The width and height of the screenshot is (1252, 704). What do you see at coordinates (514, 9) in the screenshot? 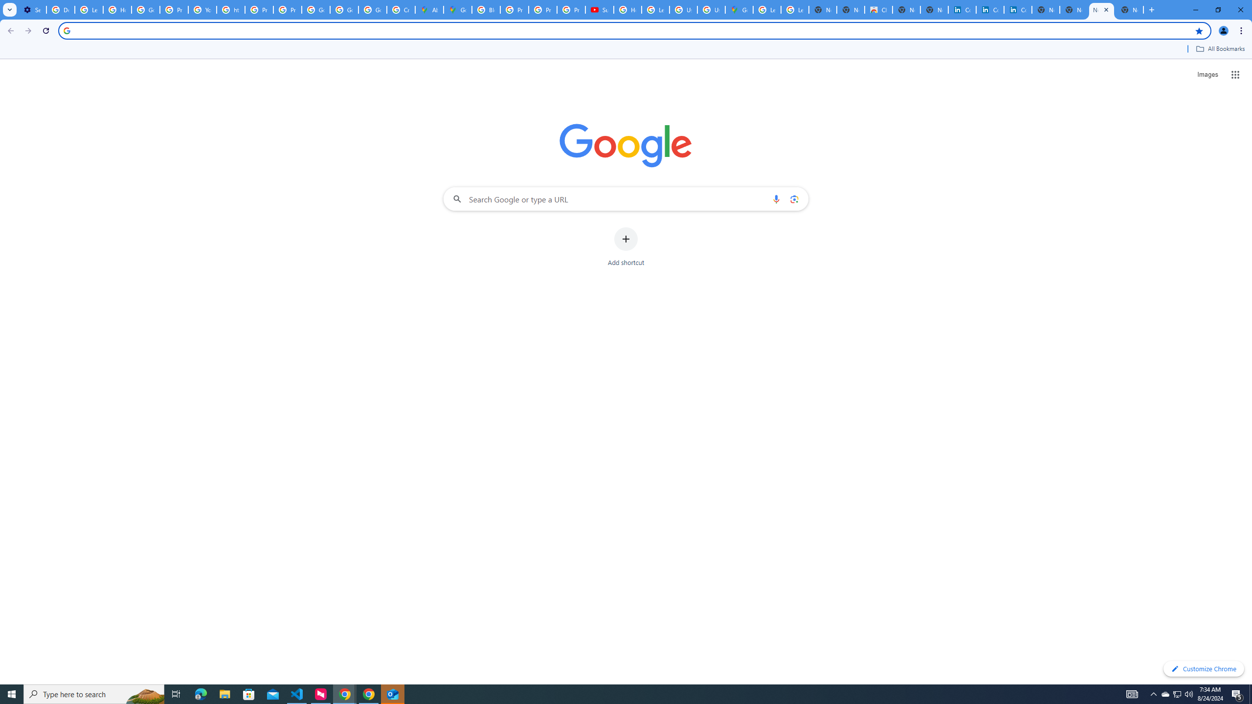
I see `'Privacy Help Center - Policies Help'` at bounding box center [514, 9].